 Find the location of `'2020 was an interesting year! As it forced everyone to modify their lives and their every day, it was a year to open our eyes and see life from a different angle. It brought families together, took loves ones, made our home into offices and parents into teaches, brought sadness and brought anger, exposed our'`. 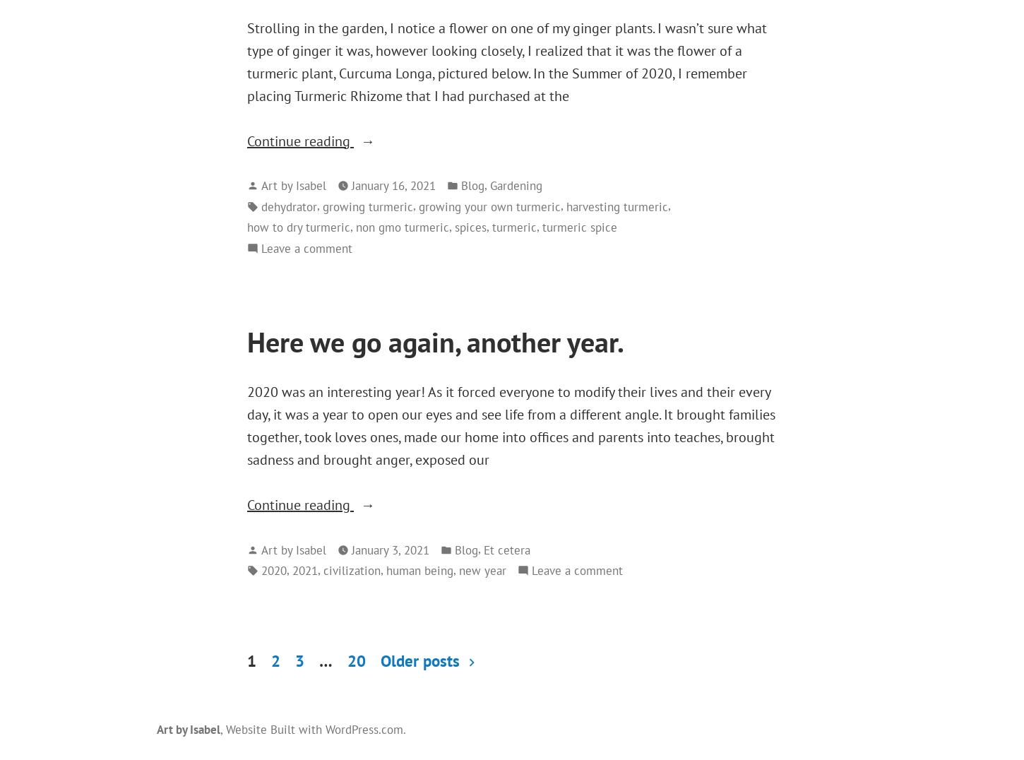

'2020 was an interesting year! As it forced everyone to modify their lives and their every day, it was a year to open our eyes and see life from a different angle. It brought families together, took loves ones, made our home into offices and parents into teaches, brought sadness and brought anger, exposed our' is located at coordinates (510, 425).